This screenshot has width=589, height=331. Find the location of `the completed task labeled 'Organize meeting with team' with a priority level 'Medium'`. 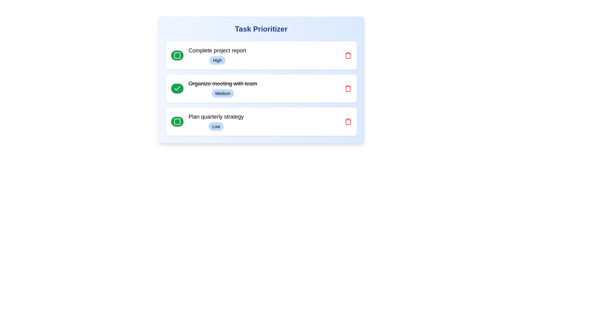

the completed task labeled 'Organize meeting with team' with a priority level 'Medium' is located at coordinates (222, 89).